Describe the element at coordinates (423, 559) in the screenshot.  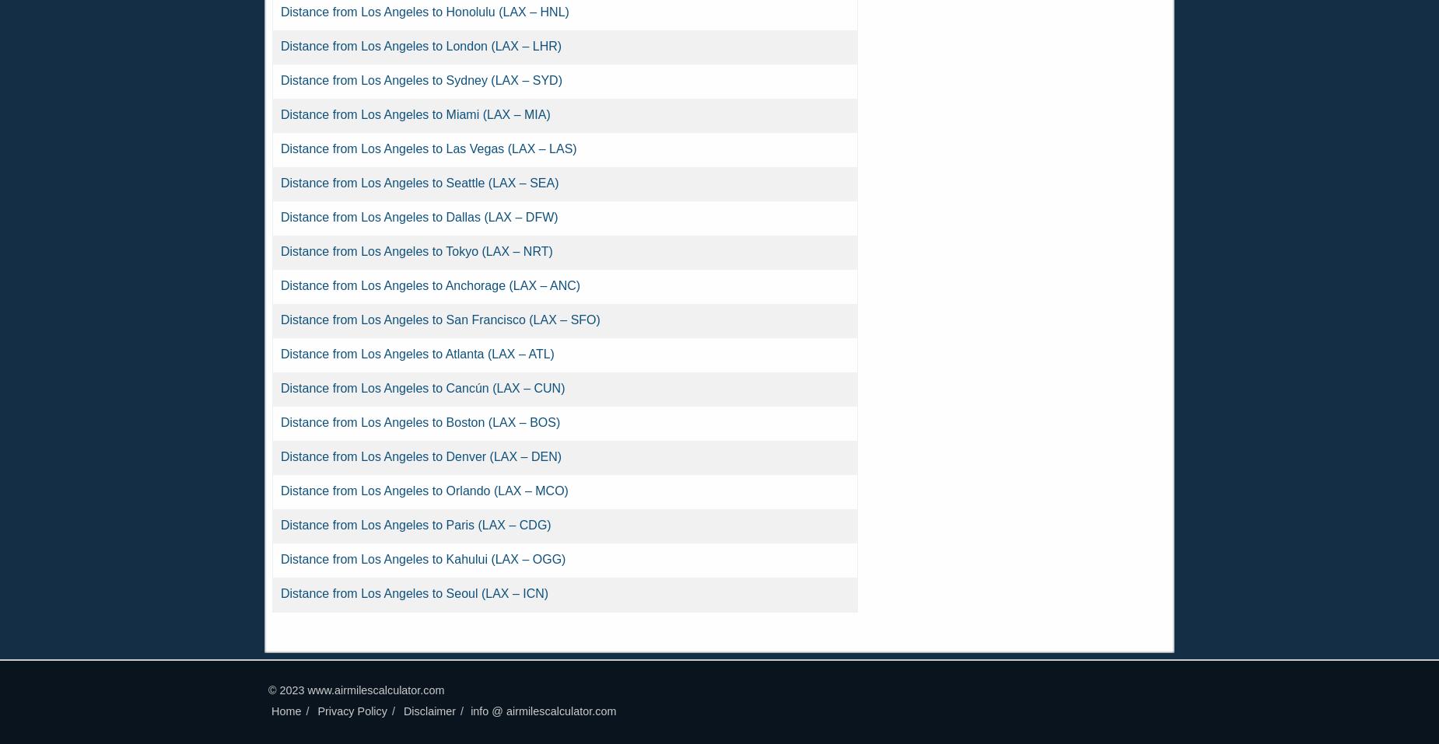
I see `'Distance from Los Angeles to Kahului (LAX – OGG)'` at that location.